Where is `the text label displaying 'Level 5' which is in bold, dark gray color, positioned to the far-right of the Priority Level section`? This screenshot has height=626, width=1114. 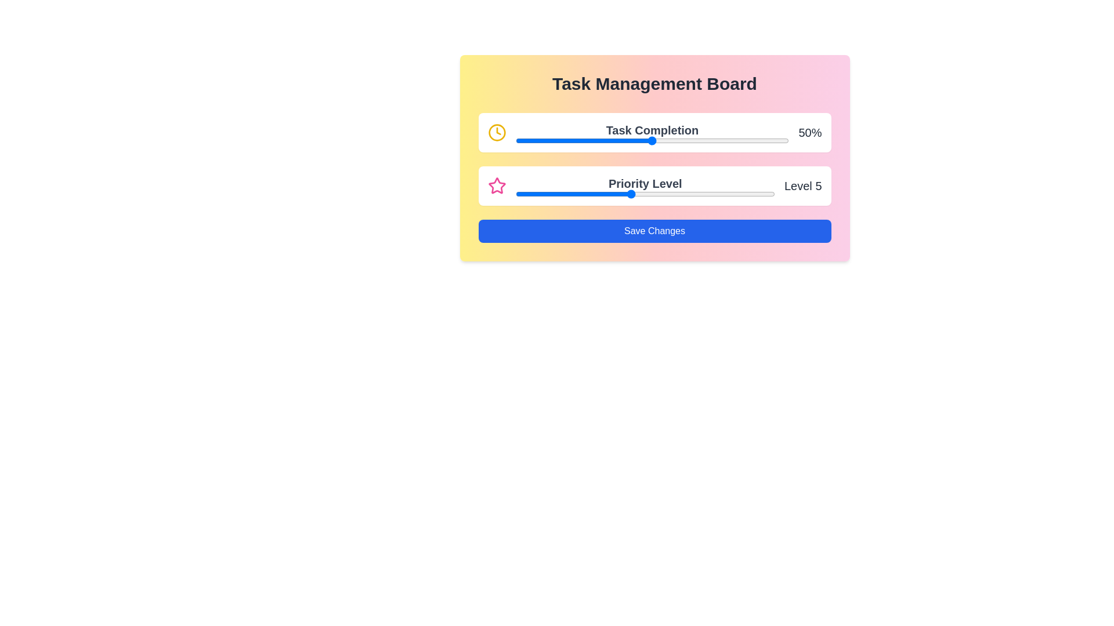
the text label displaying 'Level 5' which is in bold, dark gray color, positioned to the far-right of the Priority Level section is located at coordinates (802, 185).